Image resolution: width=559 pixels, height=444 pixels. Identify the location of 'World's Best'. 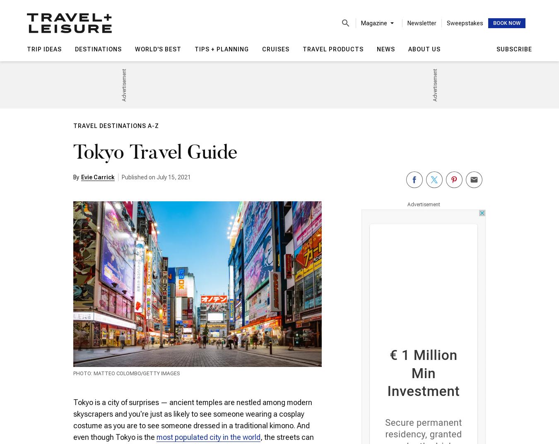
(158, 49).